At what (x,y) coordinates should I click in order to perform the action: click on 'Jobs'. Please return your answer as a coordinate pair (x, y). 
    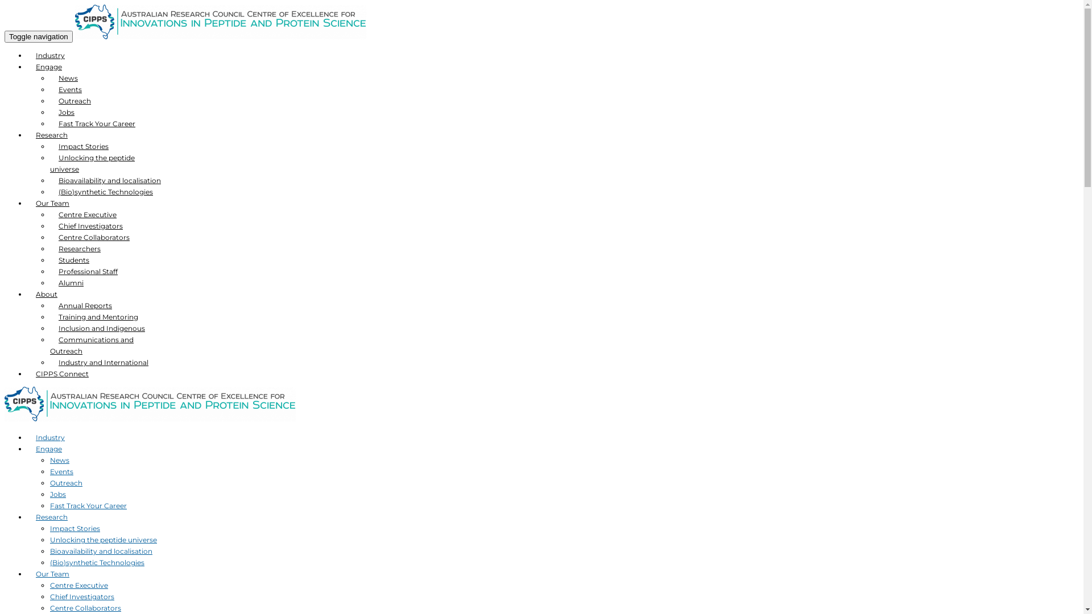
    Looking at the image, I should click on (57, 493).